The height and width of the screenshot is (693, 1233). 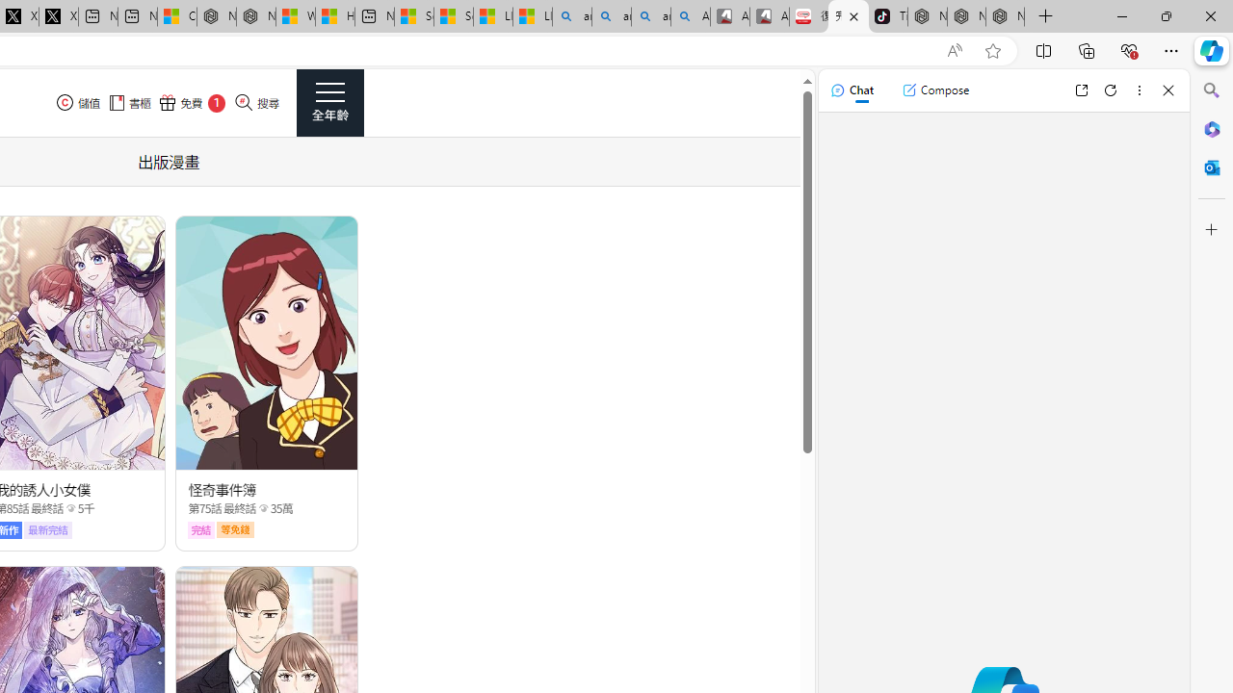 I want to click on 'Nordace - Best Sellers', so click(x=928, y=16).